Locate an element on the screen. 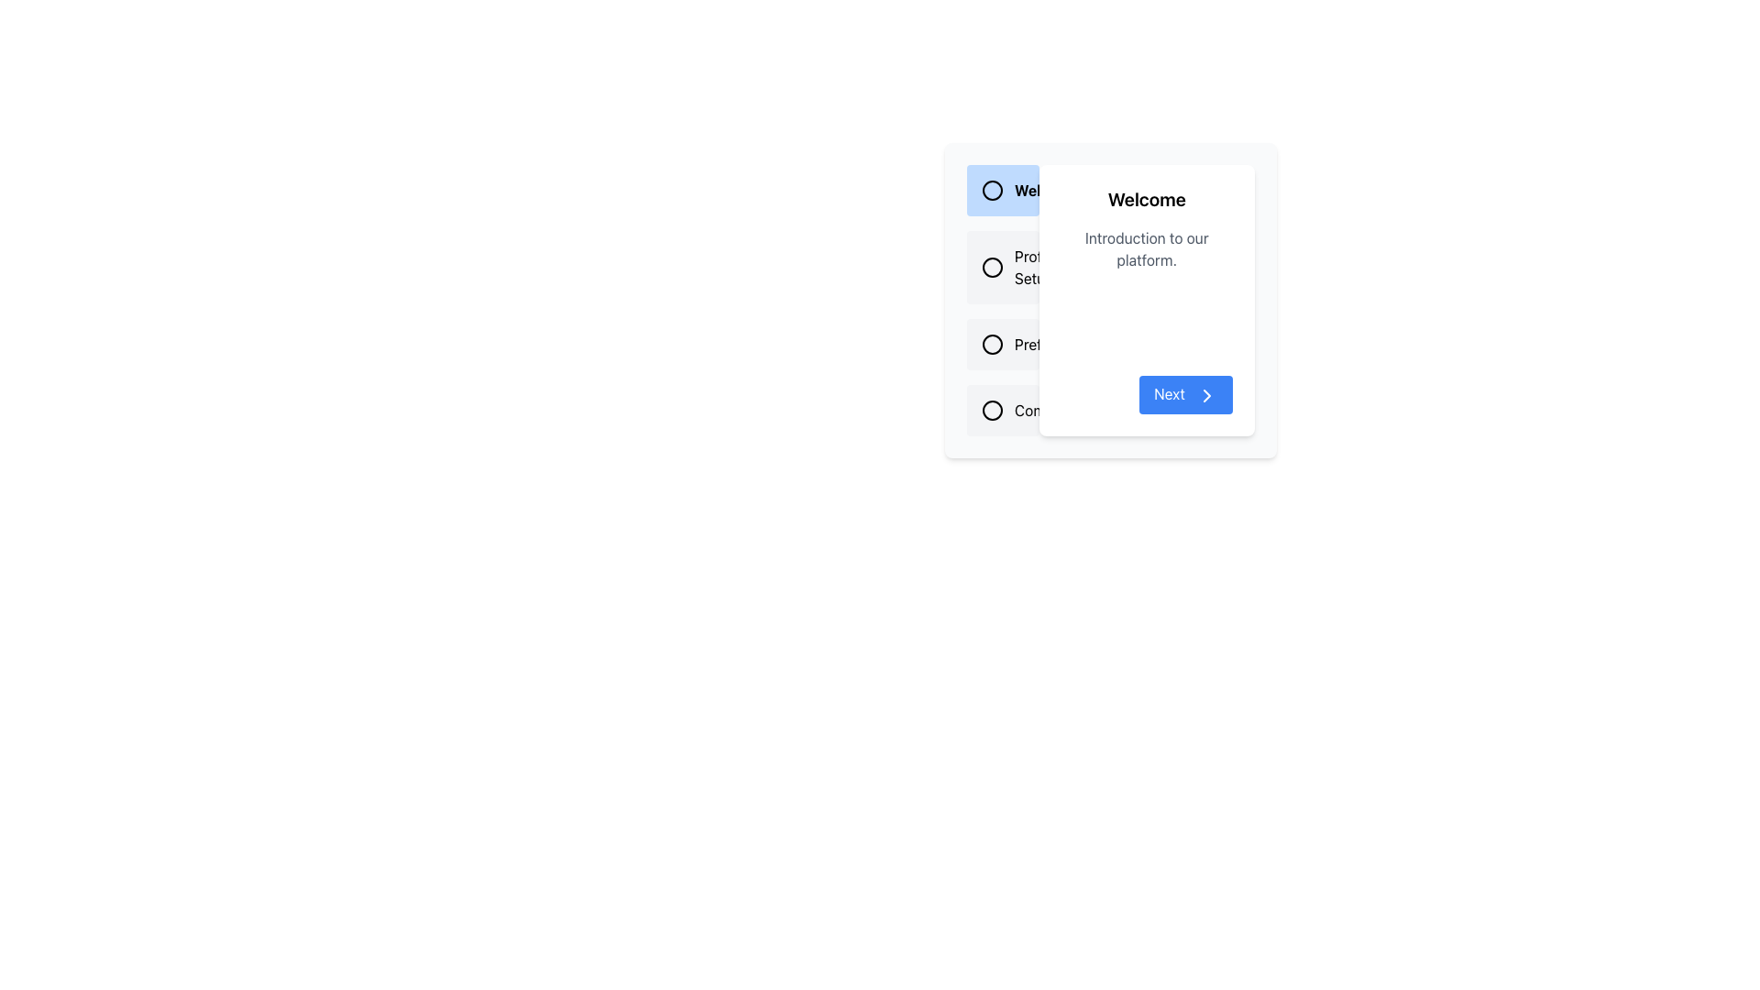 This screenshot has width=1760, height=990. the associated radio button for the 'Profile Setup' option, which is labeled below the 'Welcome' option and above the 'Preferences' option in the vertical list is located at coordinates (1035, 268).